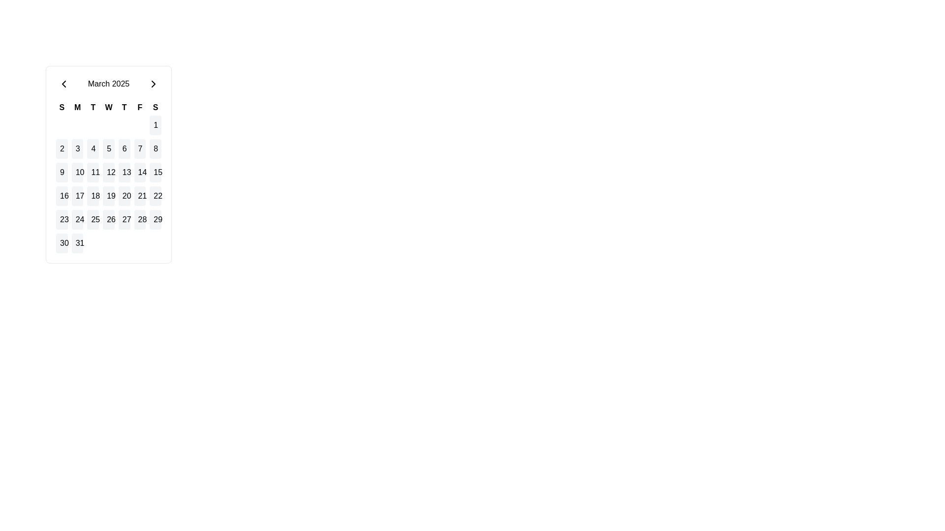  I want to click on the empty, non-interactive calendar cell located in the first row under Thursday's column, so click(124, 124).